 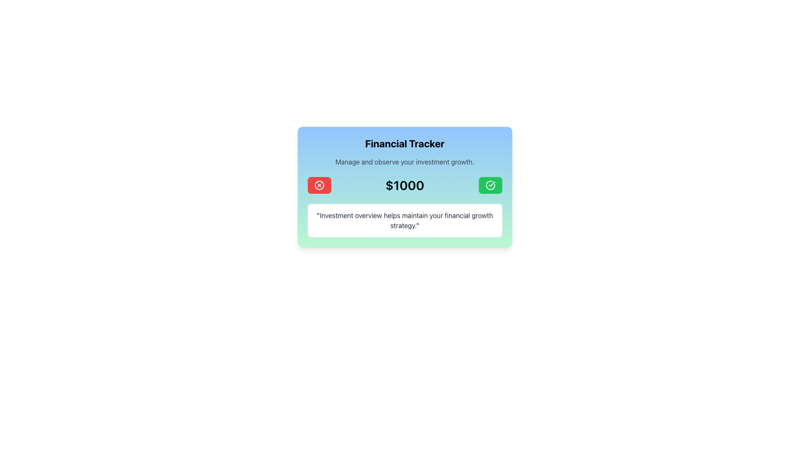 I want to click on the confirm action button represented by a checkmark icon, so click(x=490, y=185).